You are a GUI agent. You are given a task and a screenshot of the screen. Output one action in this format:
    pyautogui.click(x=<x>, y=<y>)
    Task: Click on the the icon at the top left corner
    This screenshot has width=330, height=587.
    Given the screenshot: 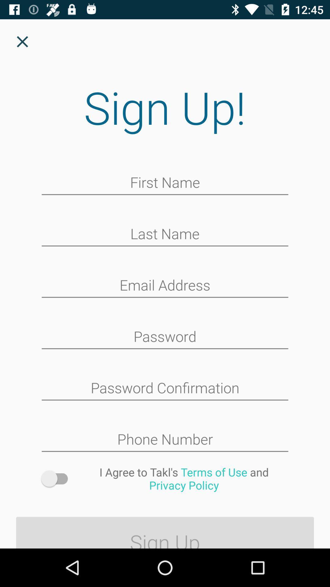 What is the action you would take?
    pyautogui.click(x=22, y=41)
    